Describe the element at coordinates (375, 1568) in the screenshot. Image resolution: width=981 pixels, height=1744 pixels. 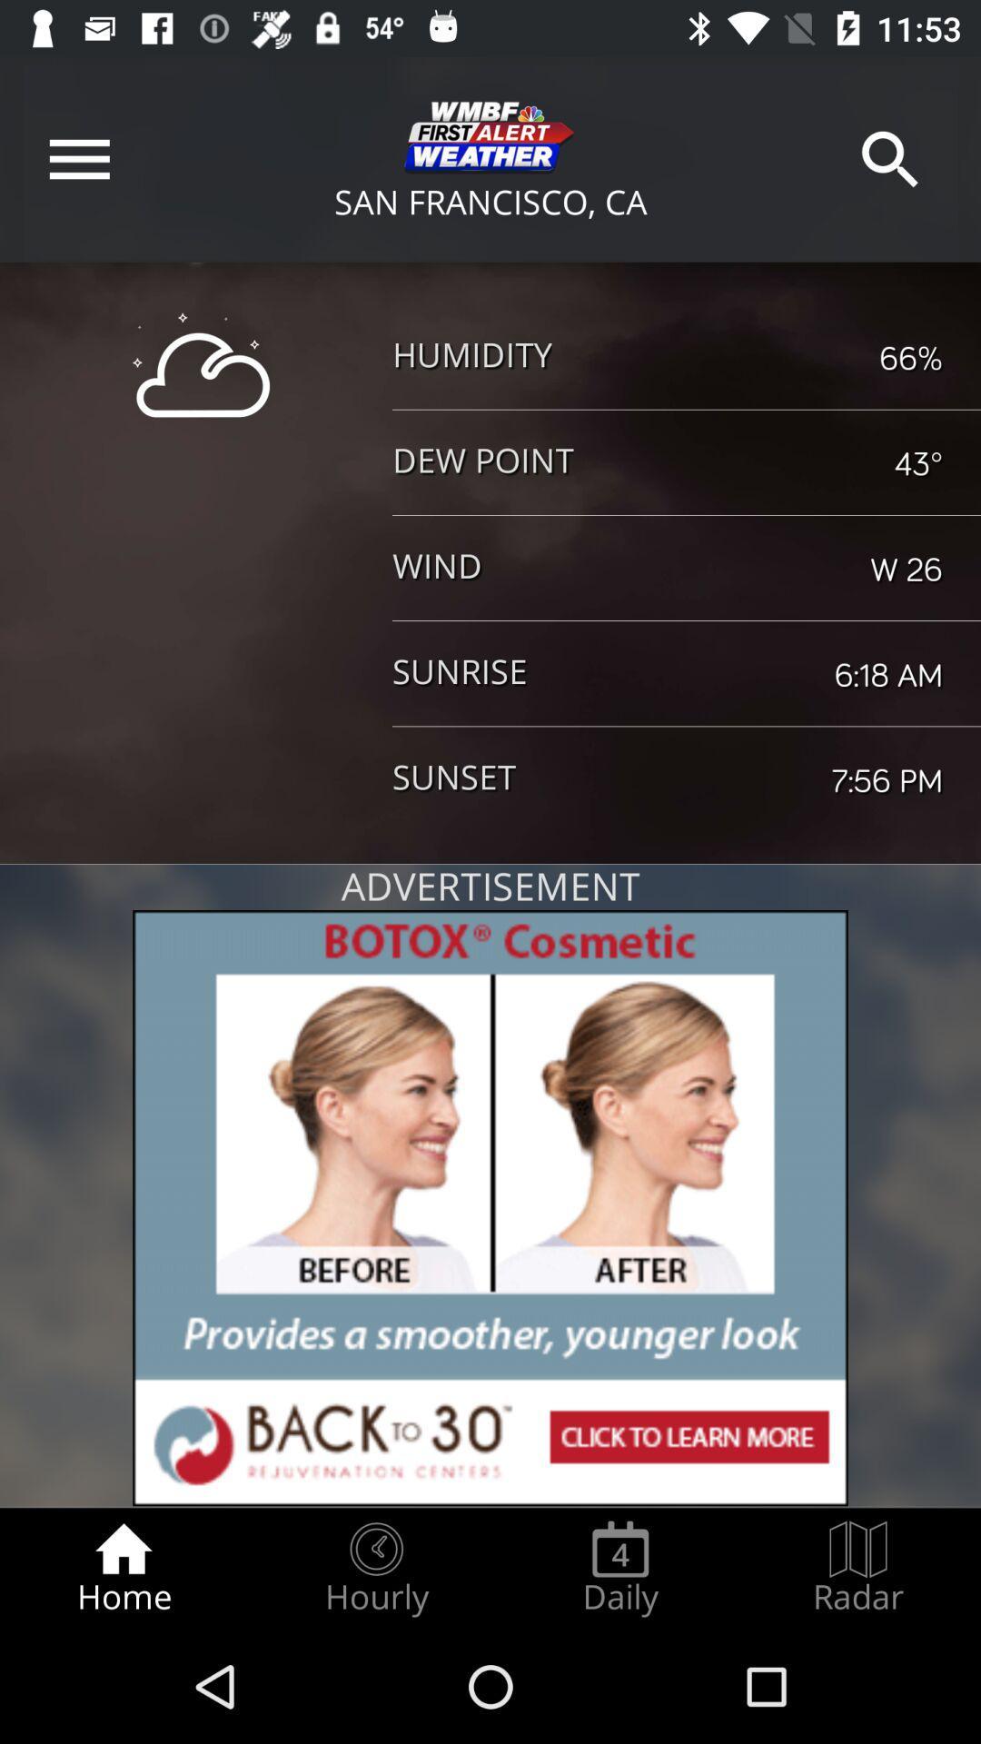
I see `item next to the home radio button` at that location.